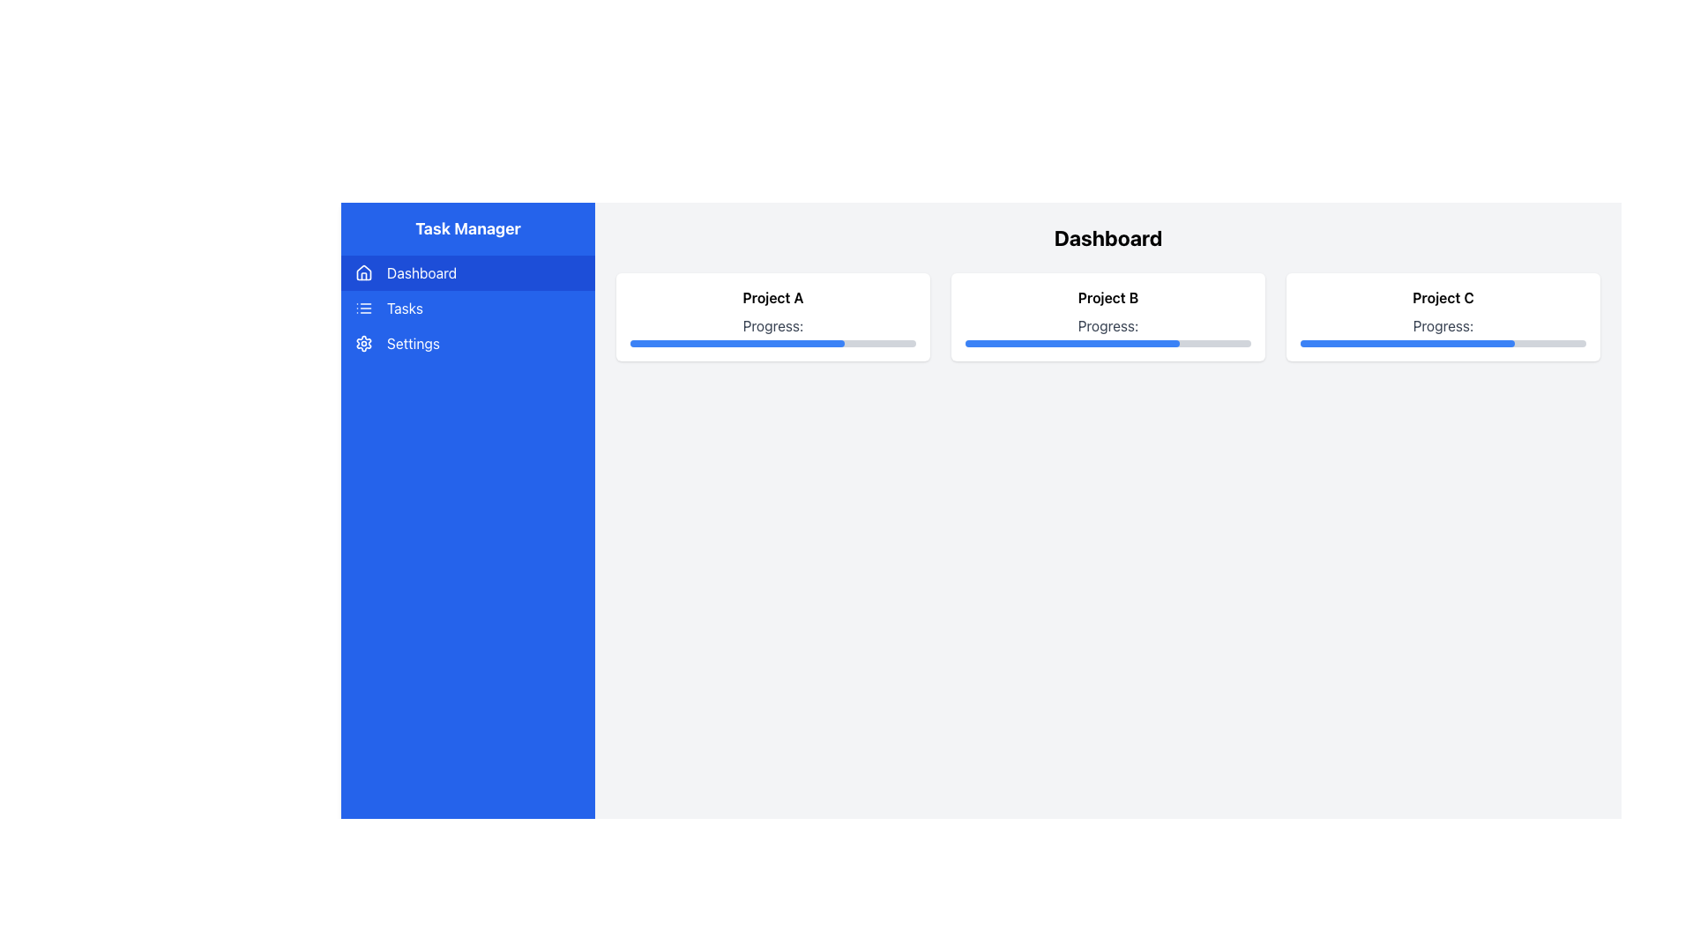 This screenshot has height=952, width=1693. What do you see at coordinates (362, 343) in the screenshot?
I see `the gear-shaped icon in the settings menu` at bounding box center [362, 343].